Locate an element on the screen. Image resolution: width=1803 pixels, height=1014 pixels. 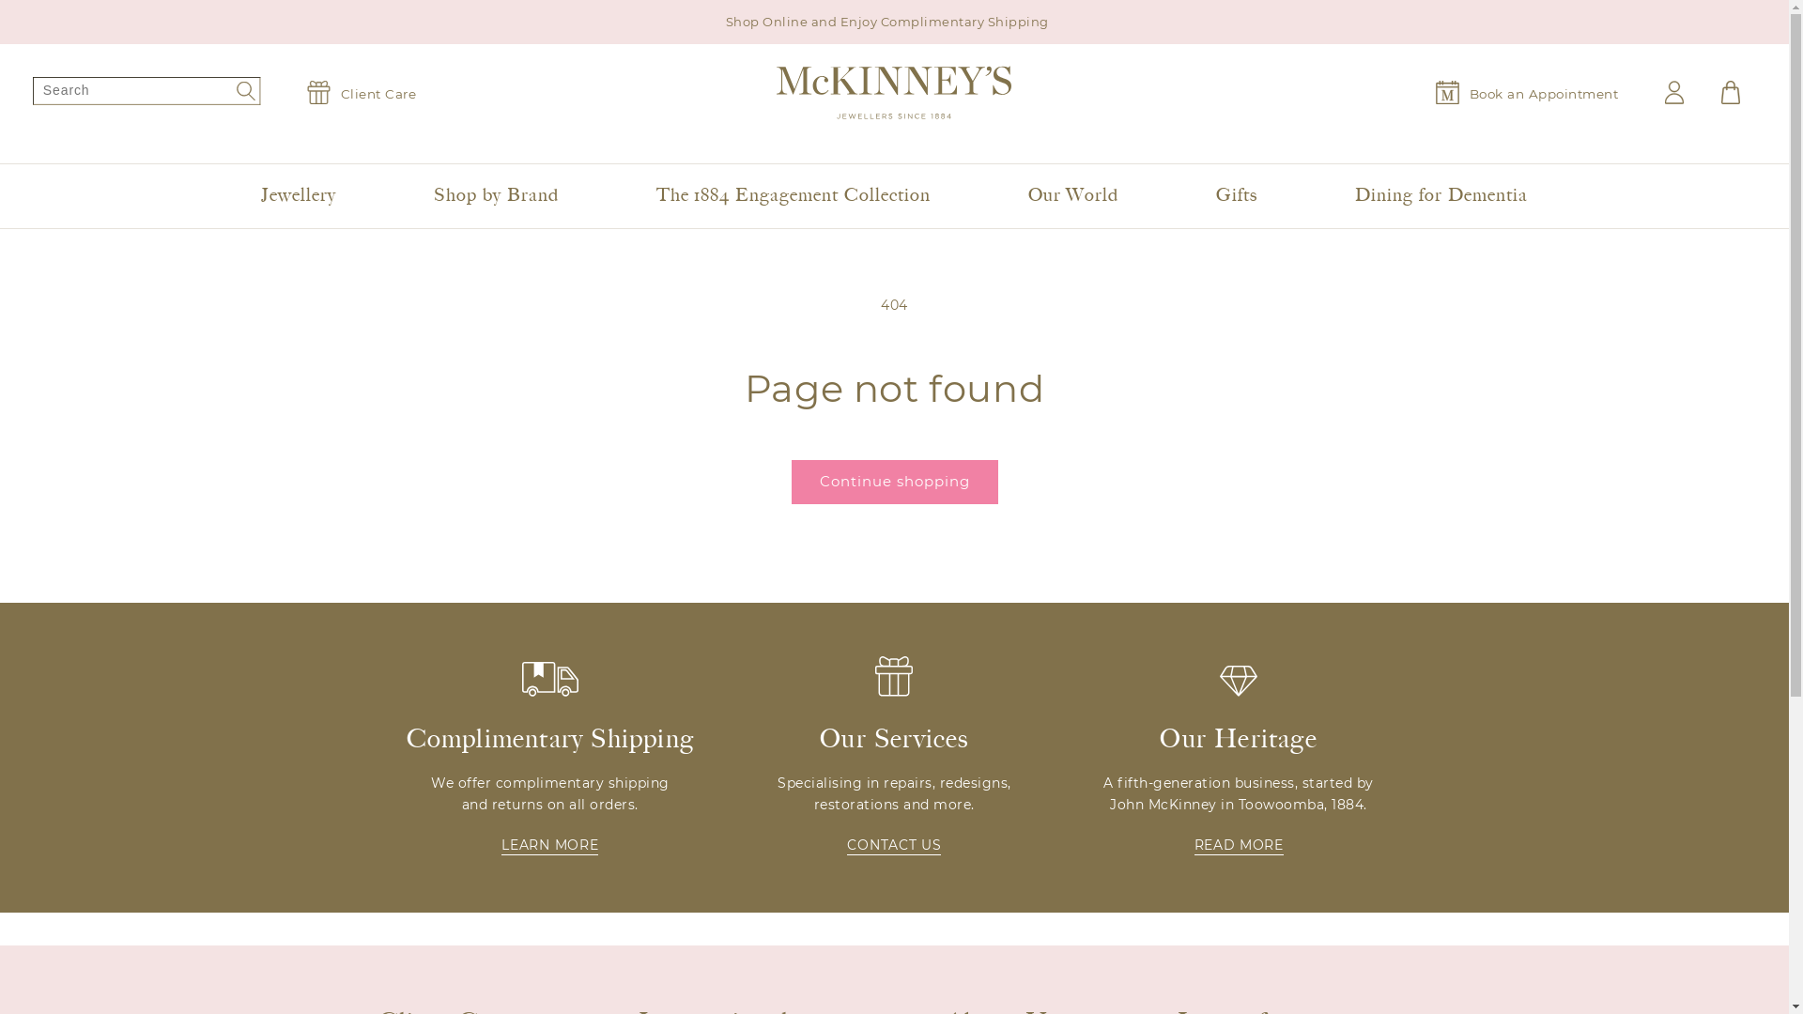
'Shop by Brand' is located at coordinates (422, 195).